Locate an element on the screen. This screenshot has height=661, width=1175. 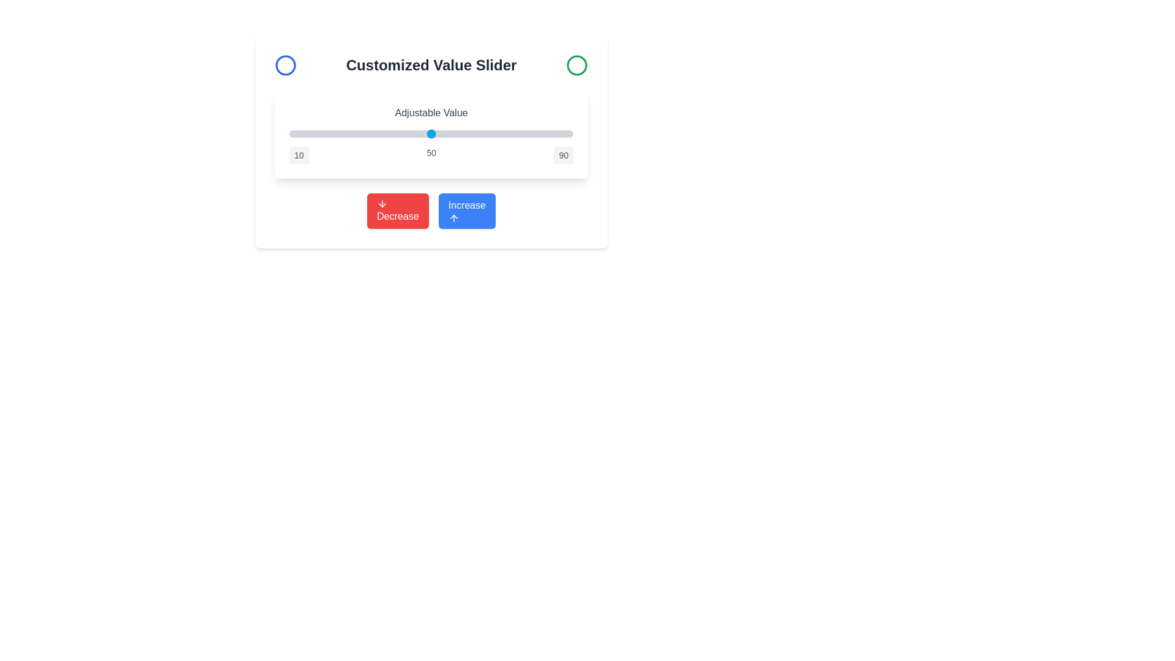
numeric value displayed in the text label located centrally below the horizontal slider, flanked by the numbers '10' and '90' is located at coordinates (431, 155).